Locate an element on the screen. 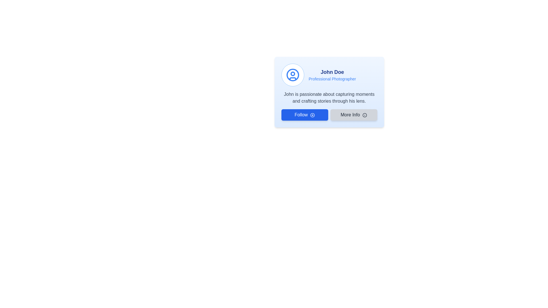 The width and height of the screenshot is (548, 308). the 'More Info' button located at the bottom of the profile card is located at coordinates (353, 115).